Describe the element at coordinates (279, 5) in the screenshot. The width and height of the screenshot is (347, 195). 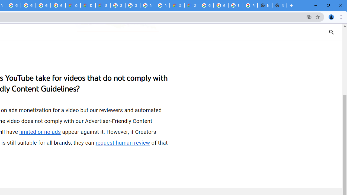
I see `'New Tab'` at that location.